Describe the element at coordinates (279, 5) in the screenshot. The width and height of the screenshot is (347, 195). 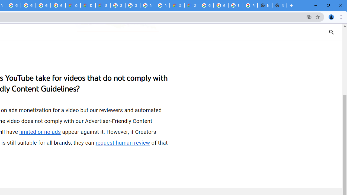
I see `'New Tab'` at that location.